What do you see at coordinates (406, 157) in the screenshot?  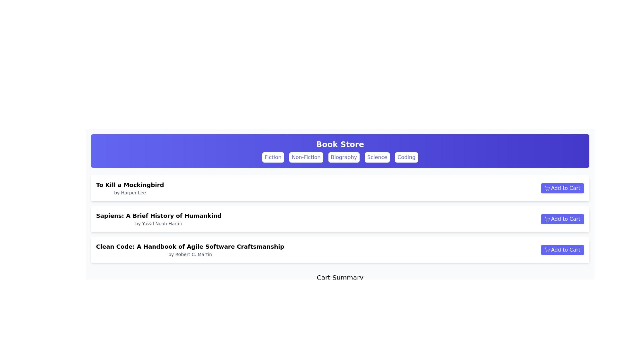 I see `the rounded rectangular button labeled 'Coding' with a white background located underneath the title 'Book Store'` at bounding box center [406, 157].